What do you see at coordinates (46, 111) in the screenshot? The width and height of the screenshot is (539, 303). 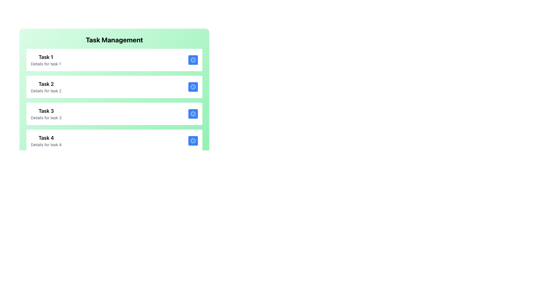 I see `the text label displaying 'Task 3', which is characterized by bold and slightly enlarged font styling, located within the green-colored 'Task Management' interface` at bounding box center [46, 111].